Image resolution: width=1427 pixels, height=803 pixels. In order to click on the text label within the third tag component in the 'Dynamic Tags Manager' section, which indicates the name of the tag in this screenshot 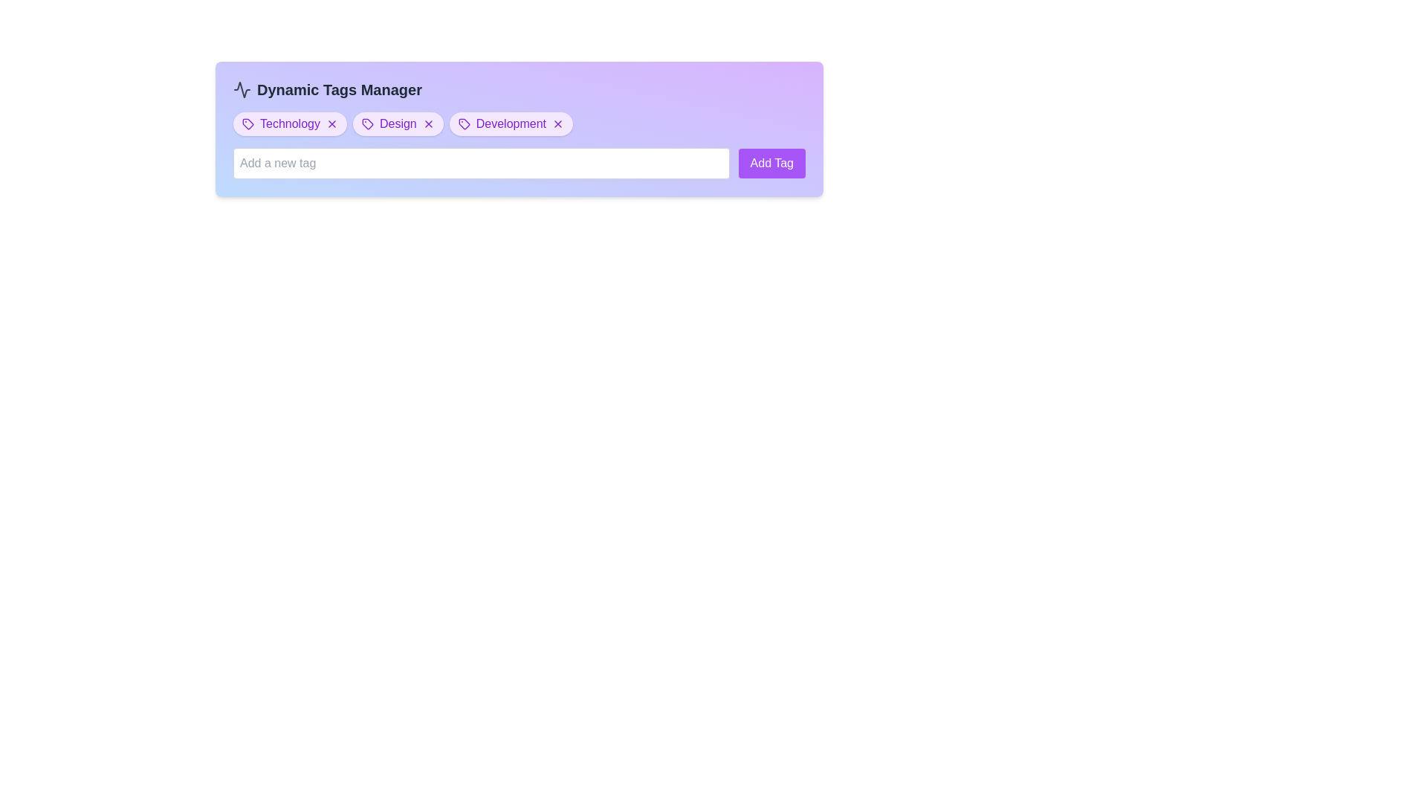, I will do `click(511, 123)`.